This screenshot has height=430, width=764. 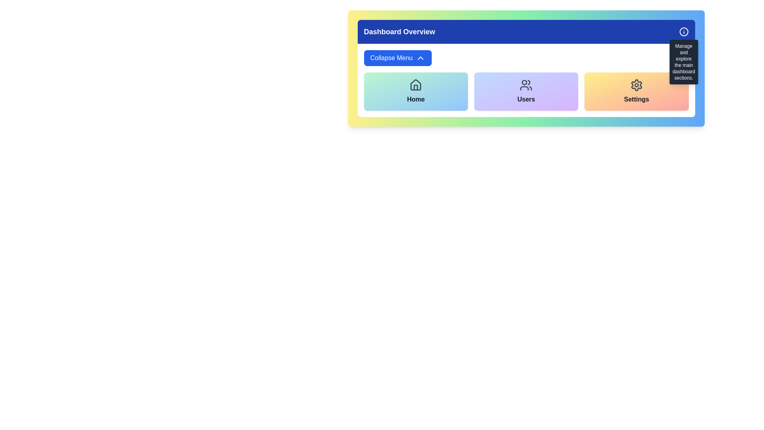 I want to click on the collapse button on the navigation panel located beneath the 'Dashboard Overview' header, so click(x=526, y=80).